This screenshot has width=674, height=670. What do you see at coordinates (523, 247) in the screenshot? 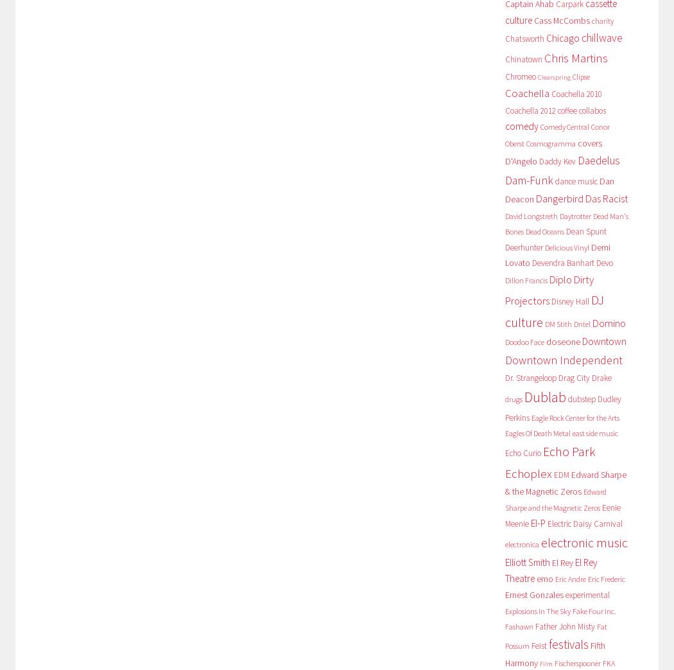
I see `'Deerhunter'` at bounding box center [523, 247].